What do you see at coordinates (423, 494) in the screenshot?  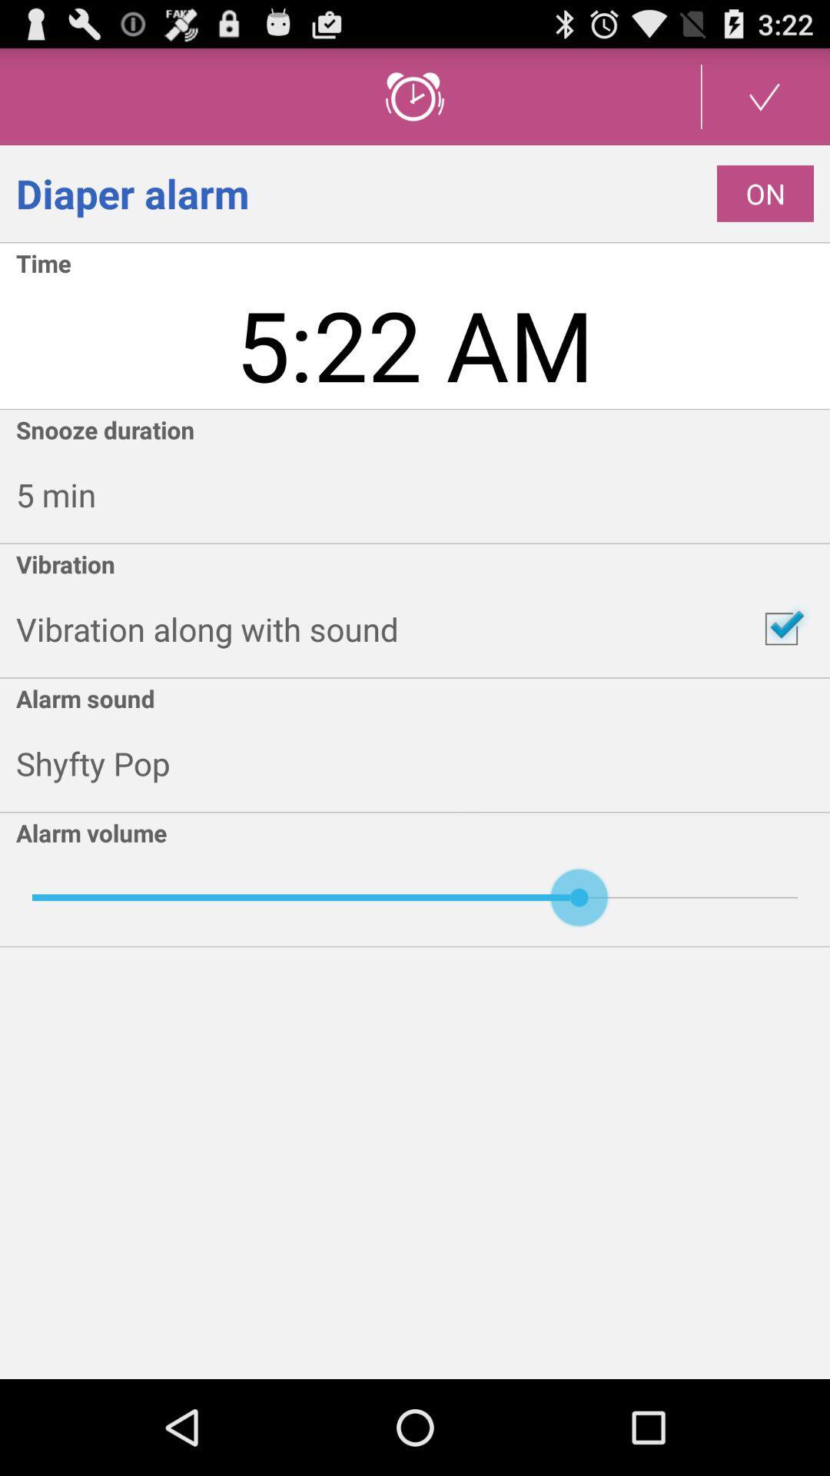 I see `5 min item` at bounding box center [423, 494].